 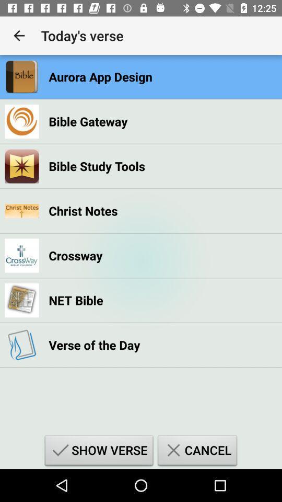 I want to click on the crossway item, so click(x=75, y=255).